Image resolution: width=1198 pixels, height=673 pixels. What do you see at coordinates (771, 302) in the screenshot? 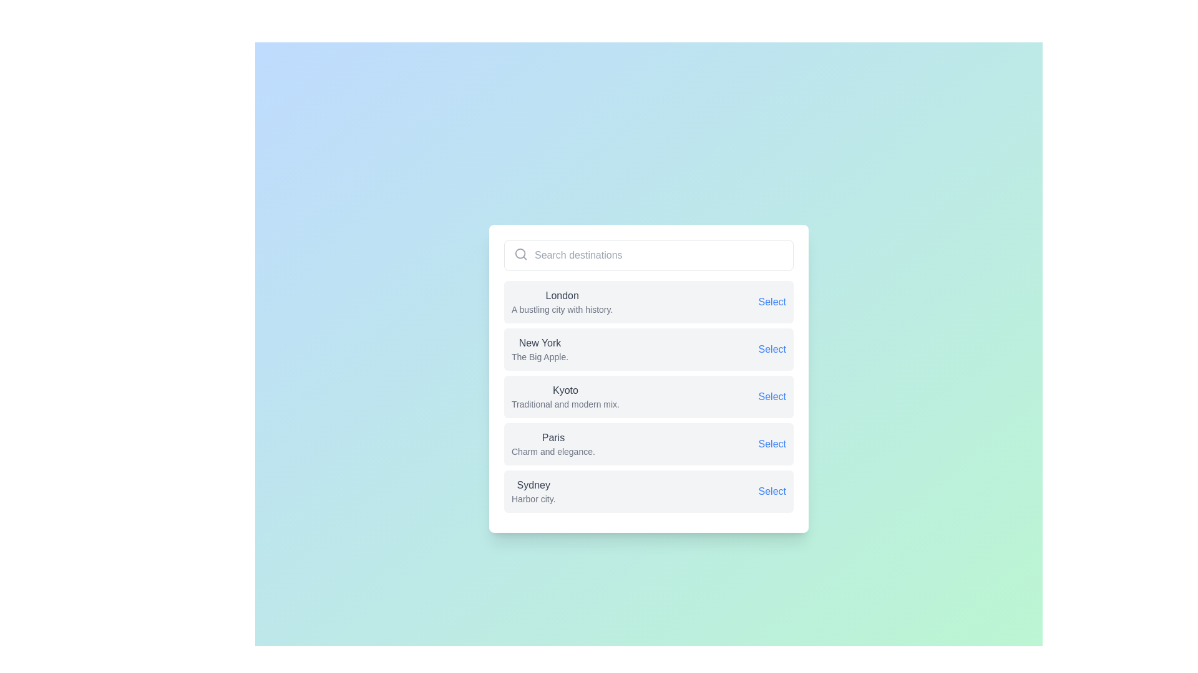
I see `the fourth button associated with the 'London' destination, which is aligned with the descriptive text 'London A bustling city with history.'` at bounding box center [771, 302].